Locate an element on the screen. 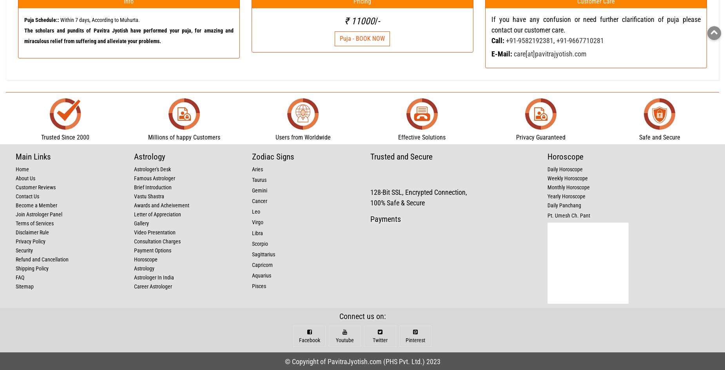  'Brief Introduction' is located at coordinates (152, 187).